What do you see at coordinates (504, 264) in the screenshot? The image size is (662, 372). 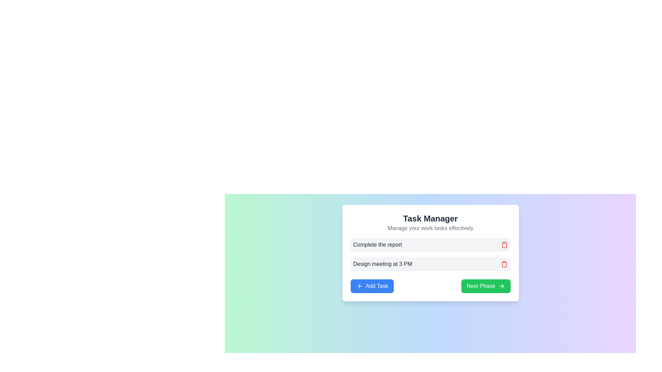 I see `the trash can icon button located to the right of the task entry labeled 'Design meeting at 3 PM'` at bounding box center [504, 264].